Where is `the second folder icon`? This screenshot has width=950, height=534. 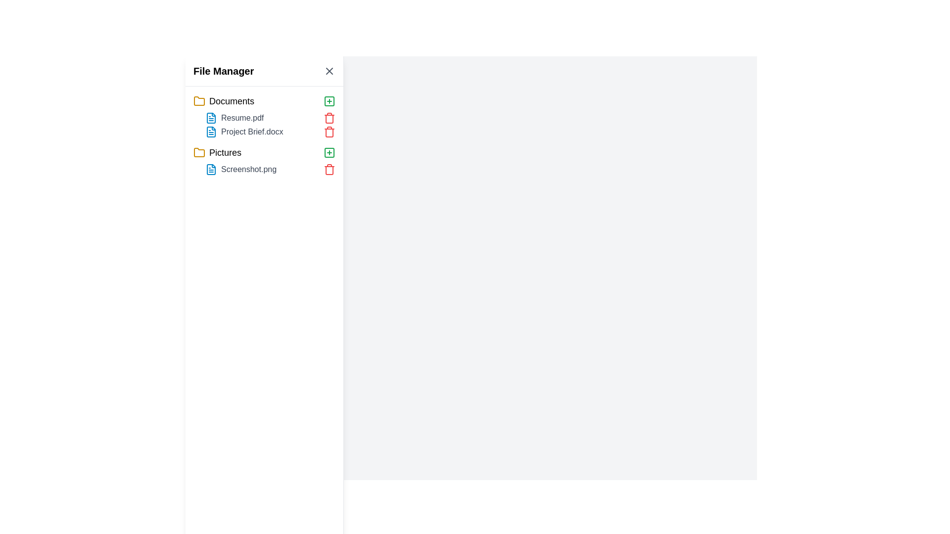 the second folder icon is located at coordinates (199, 152).